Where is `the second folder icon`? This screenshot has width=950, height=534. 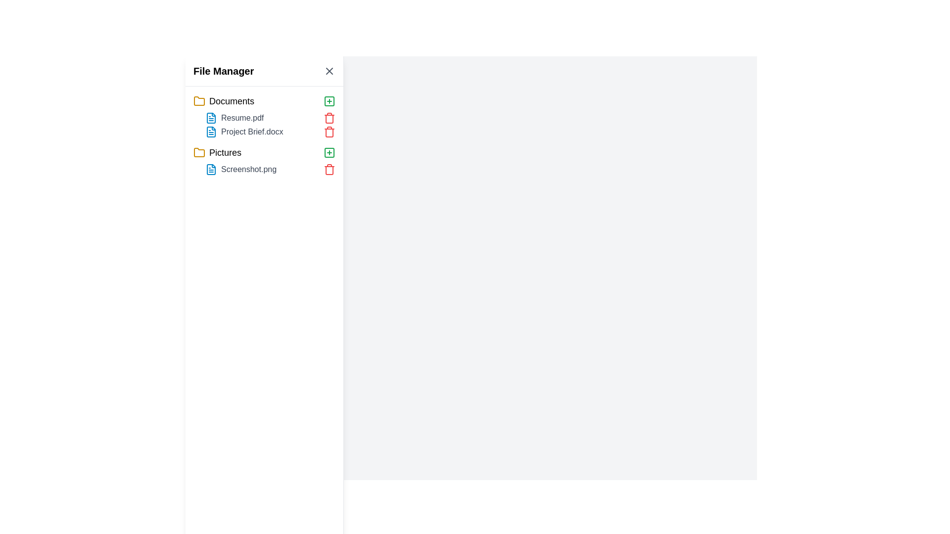 the second folder icon is located at coordinates (199, 152).